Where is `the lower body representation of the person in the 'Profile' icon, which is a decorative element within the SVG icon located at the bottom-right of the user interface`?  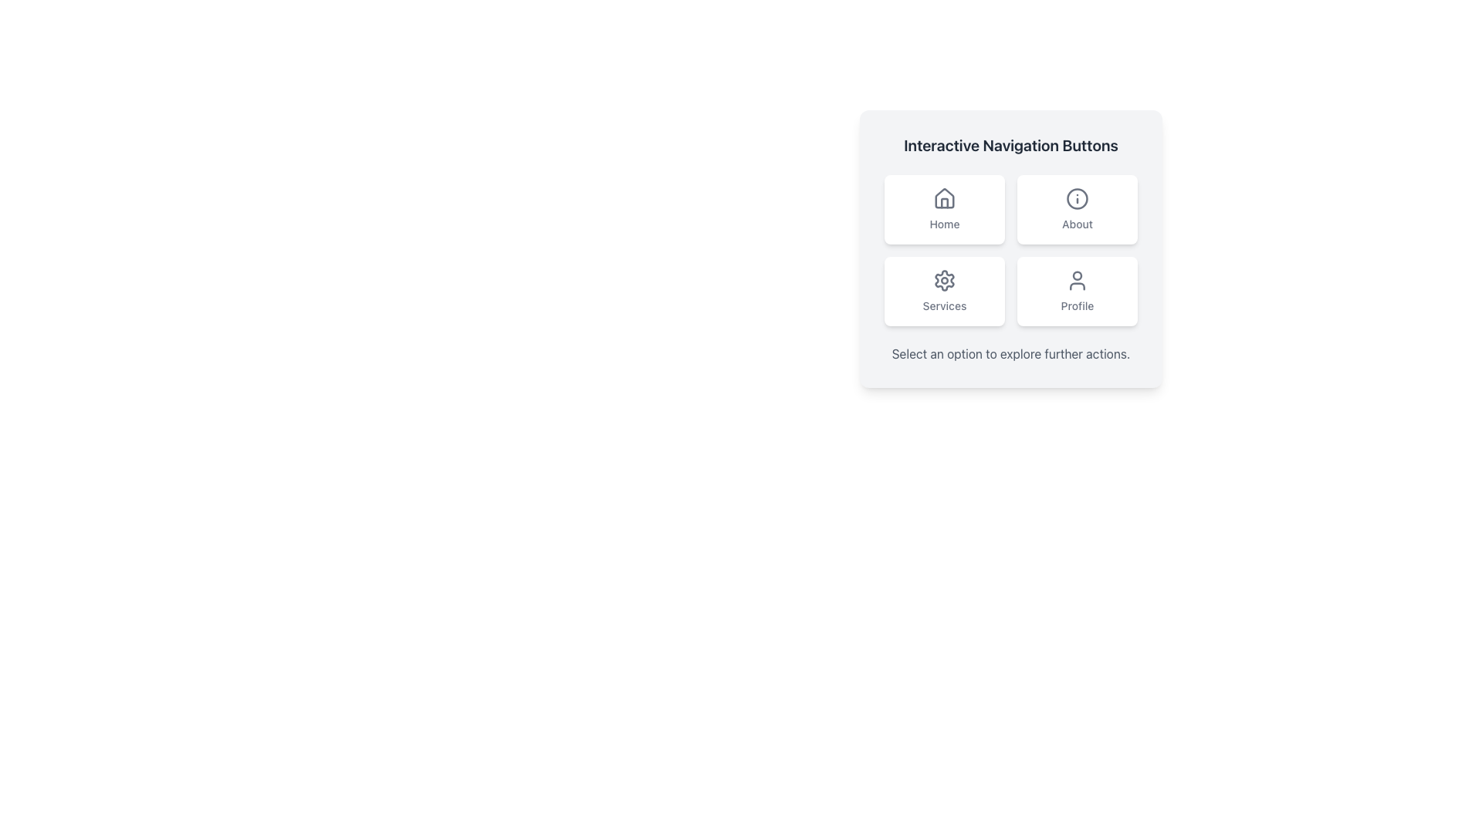
the lower body representation of the person in the 'Profile' icon, which is a decorative element within the SVG icon located at the bottom-right of the user interface is located at coordinates (1077, 286).